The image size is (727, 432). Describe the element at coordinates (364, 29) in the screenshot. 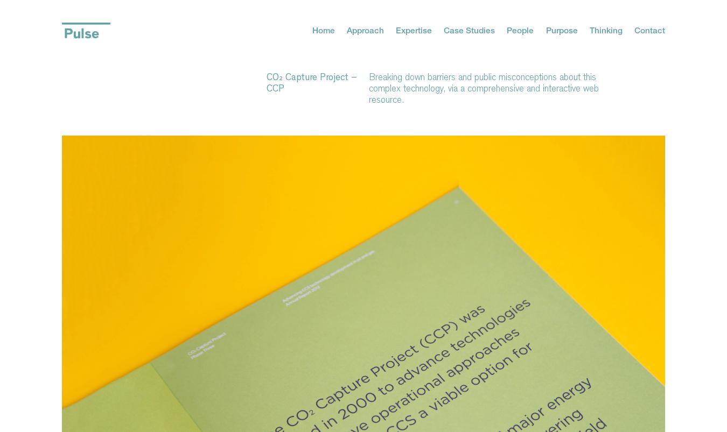

I see `'Approach'` at that location.